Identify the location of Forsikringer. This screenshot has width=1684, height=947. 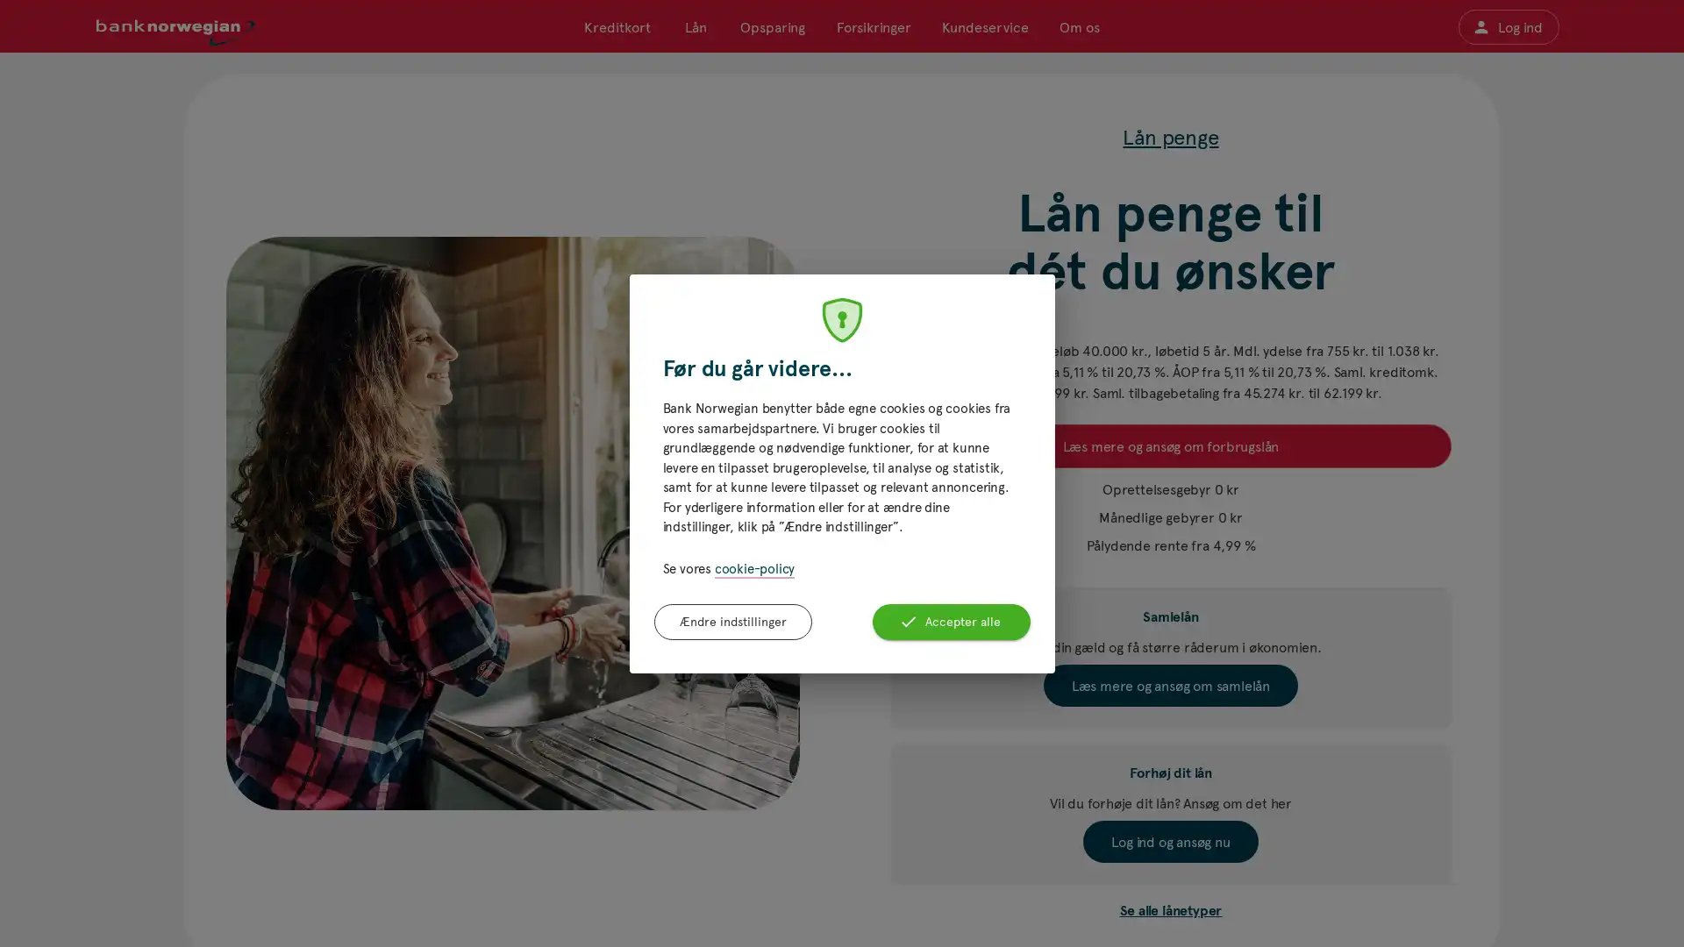
(873, 26).